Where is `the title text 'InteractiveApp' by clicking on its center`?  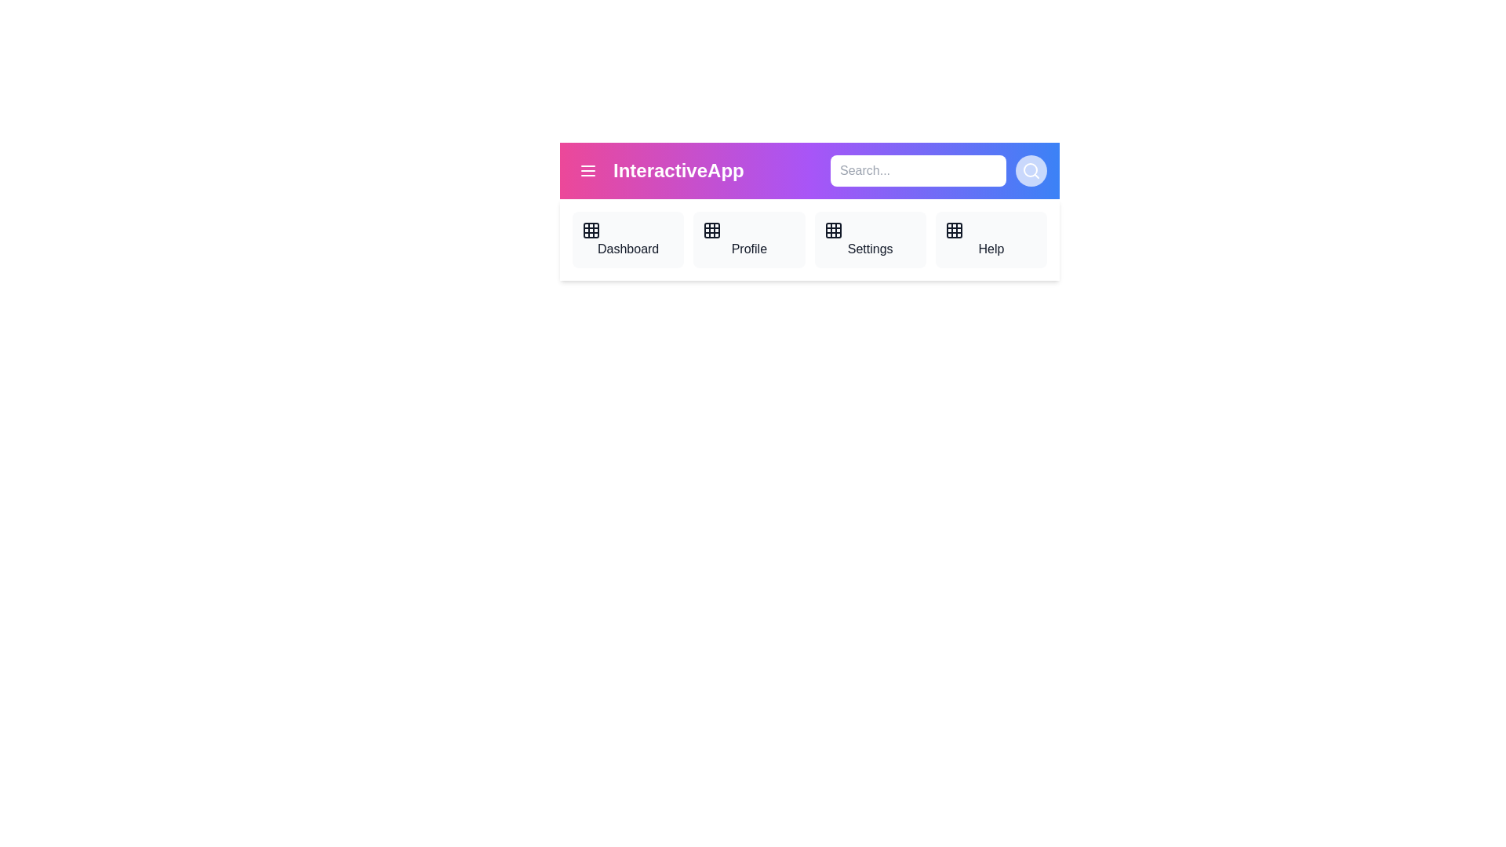
the title text 'InteractiveApp' by clicking on its center is located at coordinates (678, 171).